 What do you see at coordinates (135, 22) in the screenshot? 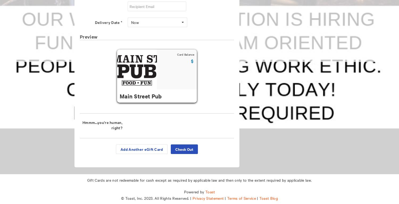
I see `'Now'` at bounding box center [135, 22].